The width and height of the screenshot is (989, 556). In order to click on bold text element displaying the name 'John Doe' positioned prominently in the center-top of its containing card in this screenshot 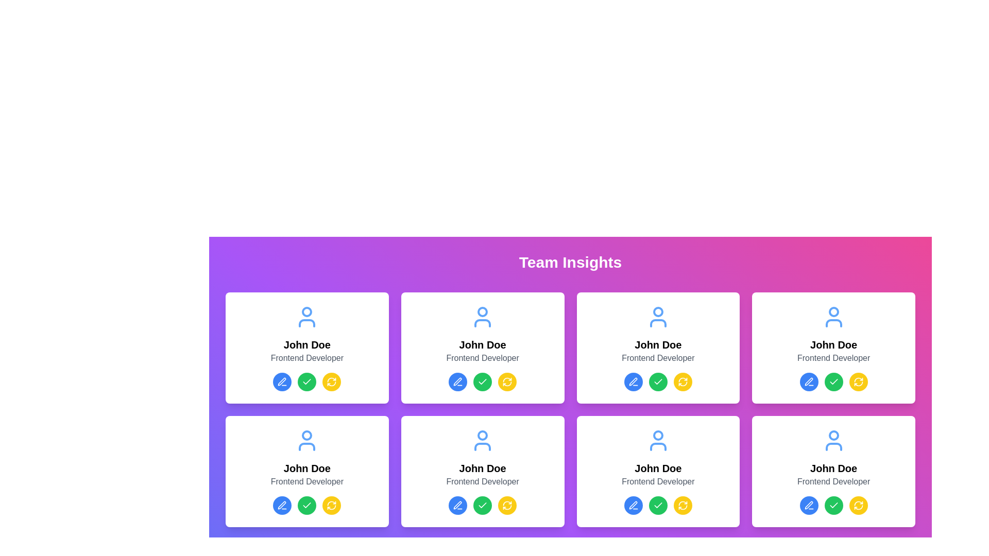, I will do `click(657, 345)`.